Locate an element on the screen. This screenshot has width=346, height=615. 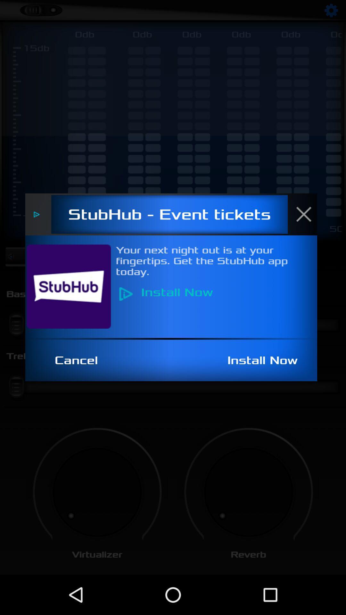
the icon next to install now is located at coordinates (79, 360).